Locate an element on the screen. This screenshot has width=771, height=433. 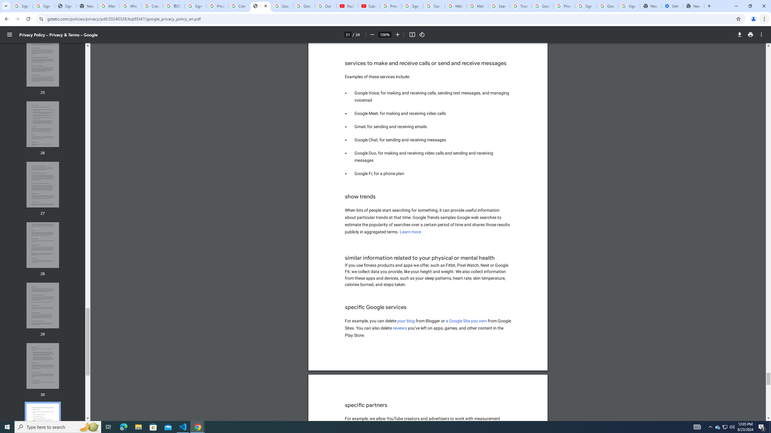
'Subscriptions - YouTube' is located at coordinates (368, 6).